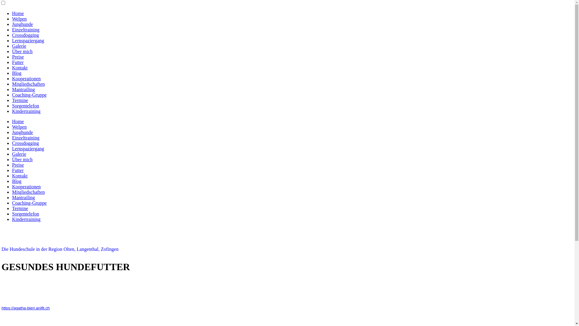  I want to click on 'Kindertraining', so click(12, 111).